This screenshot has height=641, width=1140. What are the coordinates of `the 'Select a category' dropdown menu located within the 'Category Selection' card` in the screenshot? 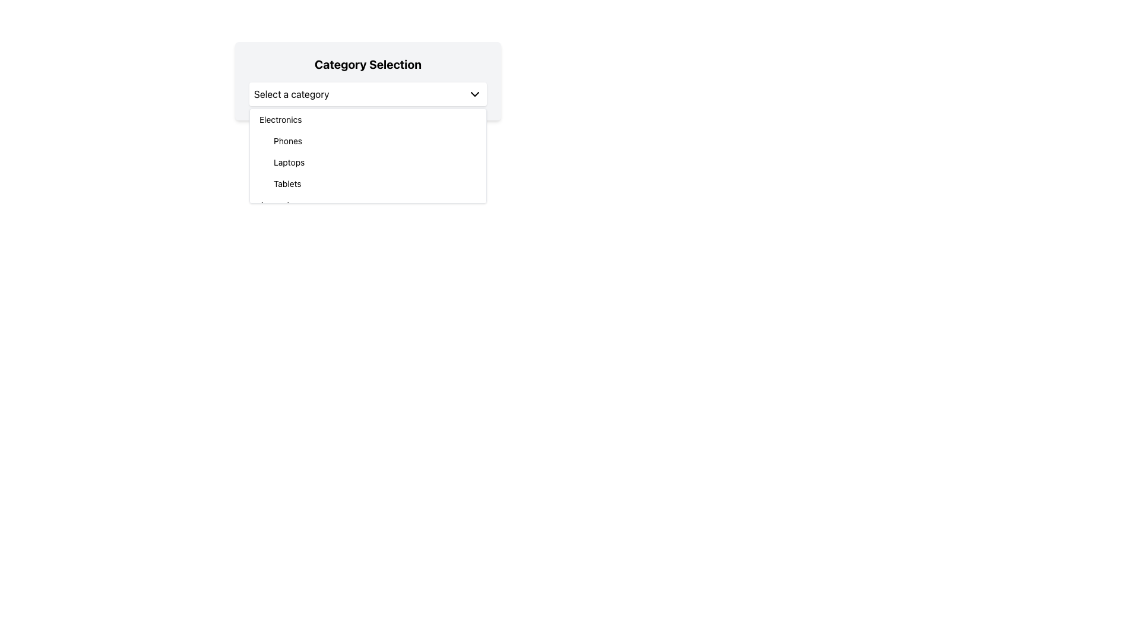 It's located at (367, 93).